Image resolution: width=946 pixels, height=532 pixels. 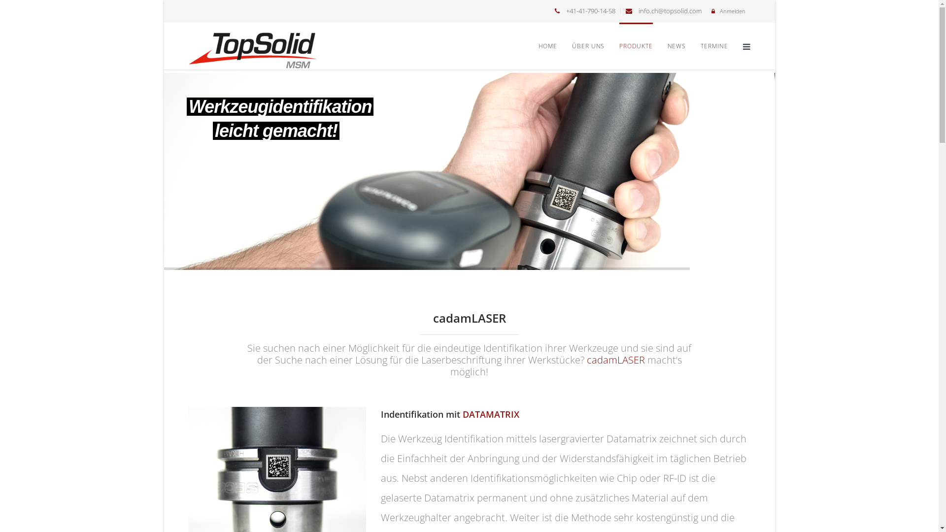 I want to click on 'TERMINE', so click(x=714, y=46).